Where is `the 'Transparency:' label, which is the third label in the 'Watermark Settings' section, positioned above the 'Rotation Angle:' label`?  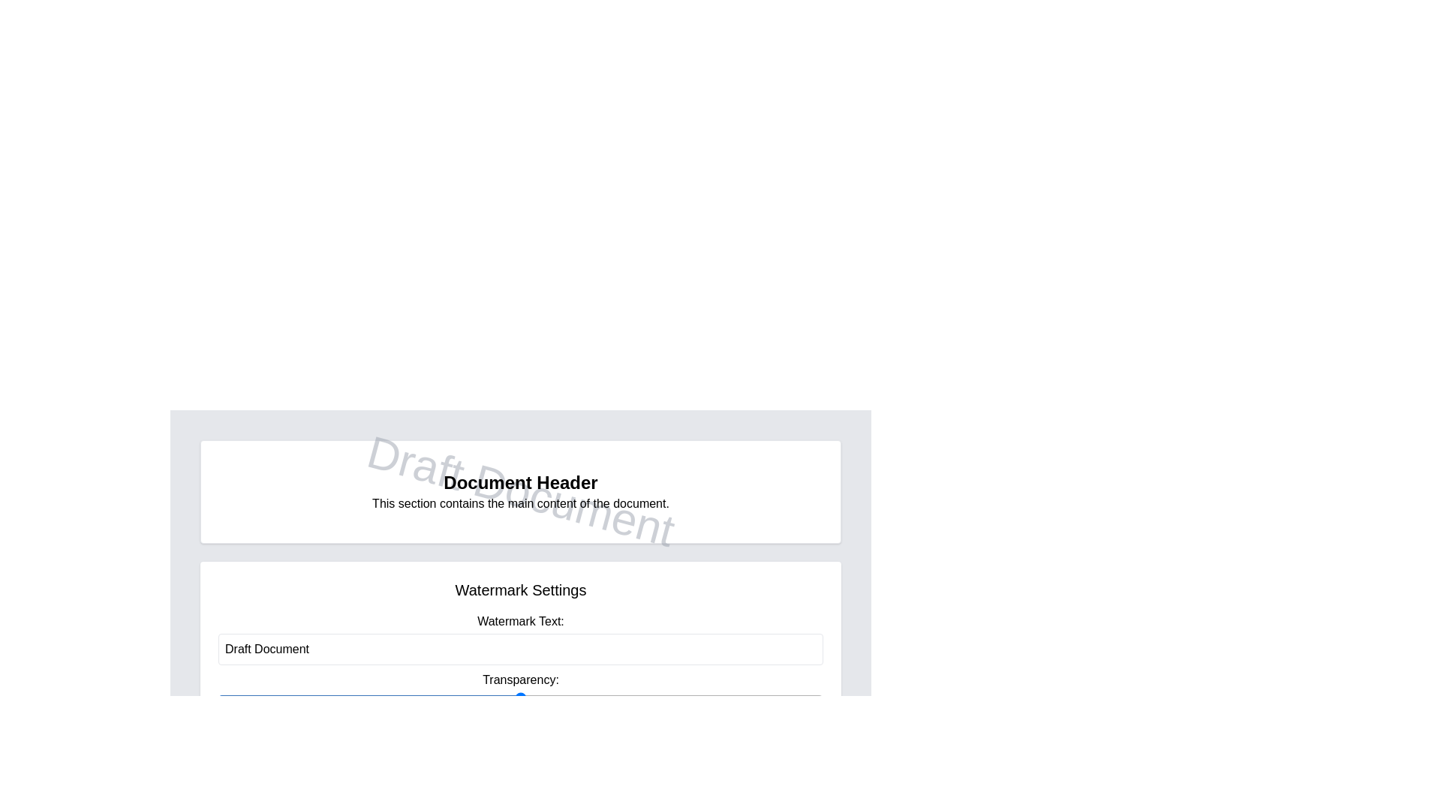 the 'Transparency:' label, which is the third label in the 'Watermark Settings' section, positioned above the 'Rotation Angle:' label is located at coordinates (521, 688).